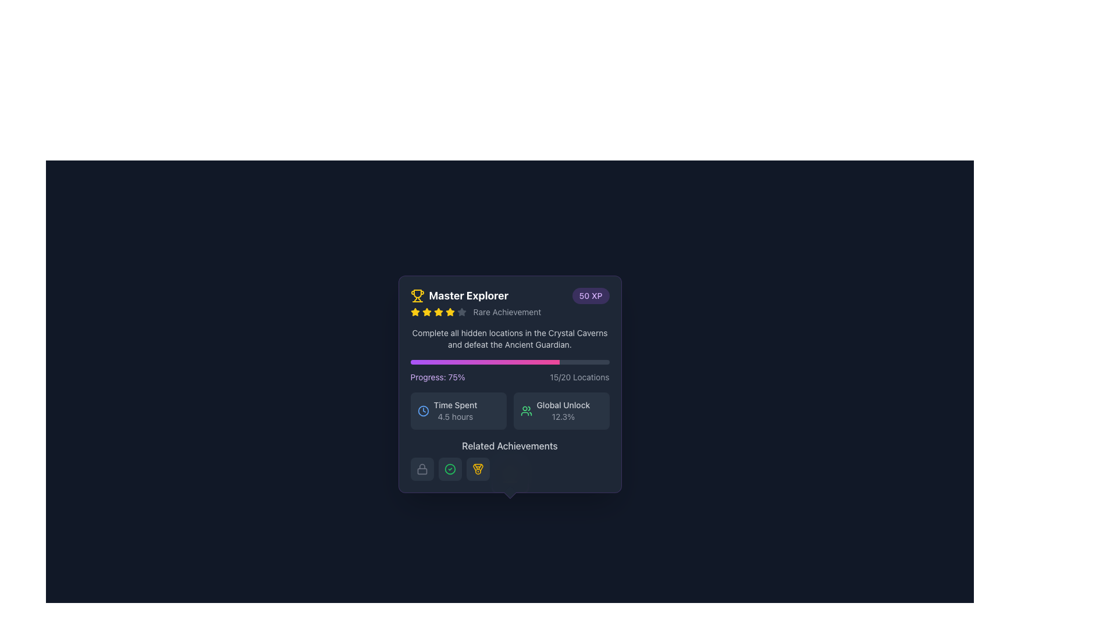 This screenshot has width=1117, height=628. I want to click on the first star-shaped rating indicator filled with yellow color, located below the 'Master Explorer' title within the achievement card, so click(415, 311).